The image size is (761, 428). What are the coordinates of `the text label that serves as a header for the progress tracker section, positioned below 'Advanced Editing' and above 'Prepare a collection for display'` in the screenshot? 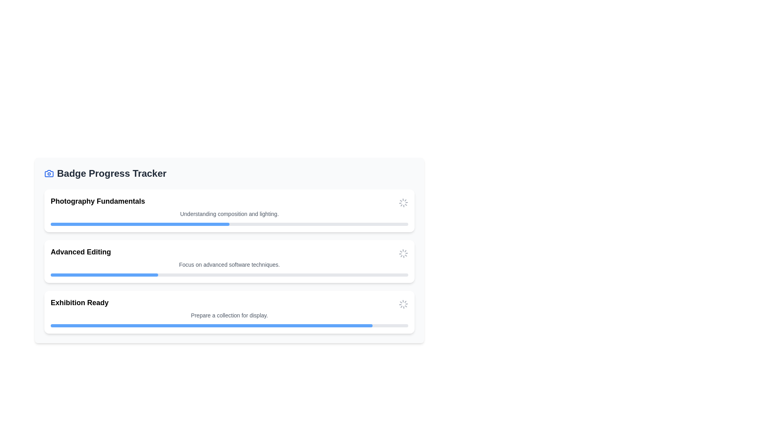 It's located at (80, 302).